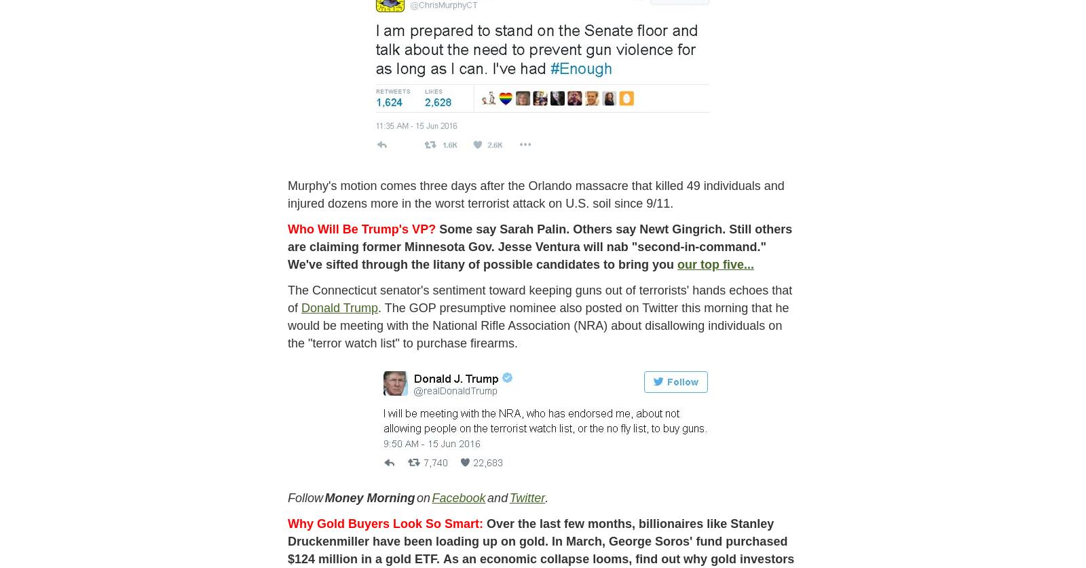 The width and height of the screenshot is (1086, 568). What do you see at coordinates (497, 496) in the screenshot?
I see `'and'` at bounding box center [497, 496].